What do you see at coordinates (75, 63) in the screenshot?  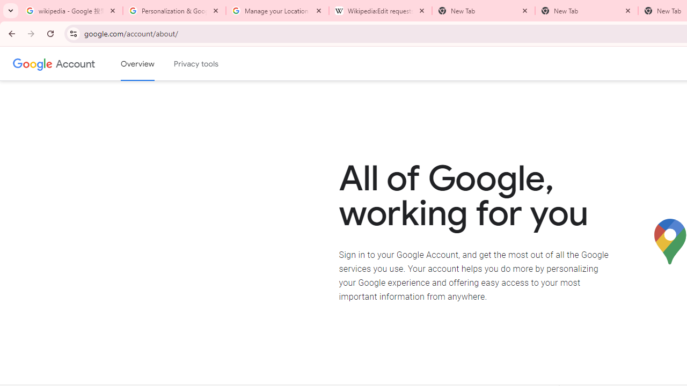 I see `'Google Account'` at bounding box center [75, 63].